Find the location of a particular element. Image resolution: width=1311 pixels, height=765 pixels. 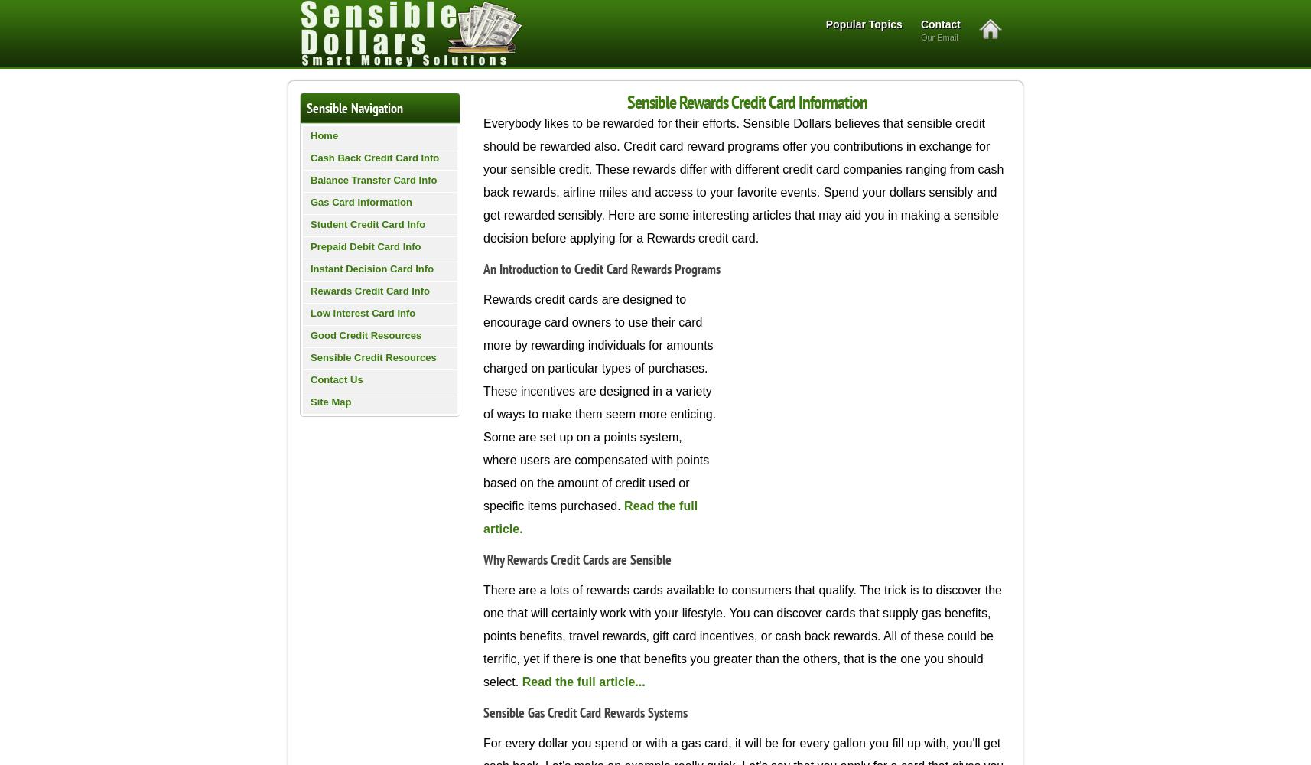

'Gas Card Information' is located at coordinates (361, 202).